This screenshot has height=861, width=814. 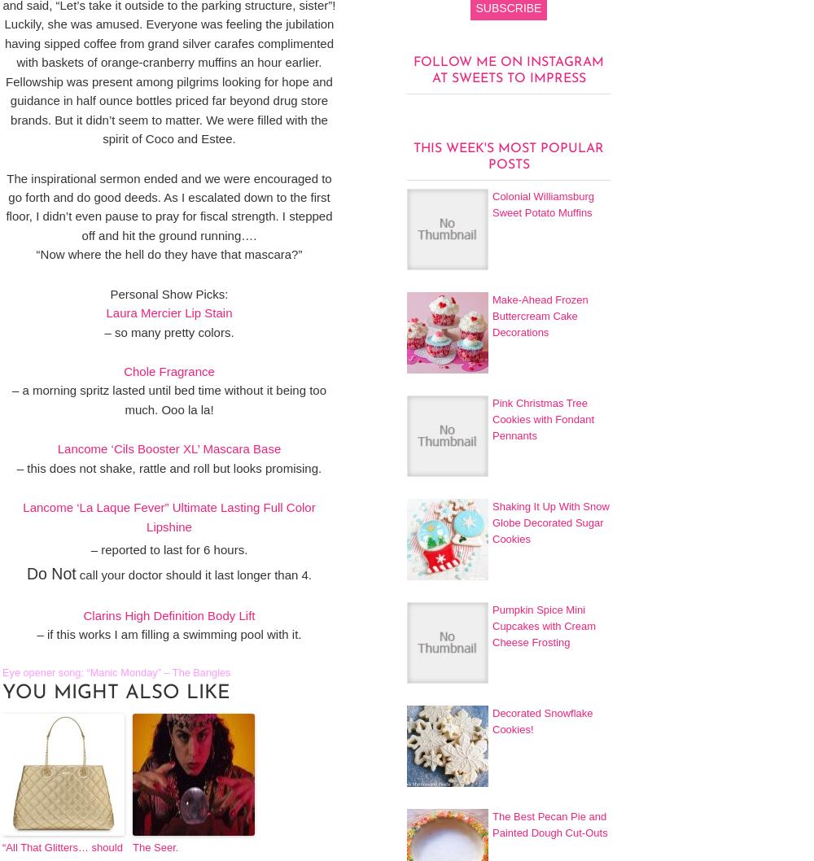 What do you see at coordinates (37, 634) in the screenshot?
I see `'– if this works I am filling a swimming pool with it.'` at bounding box center [37, 634].